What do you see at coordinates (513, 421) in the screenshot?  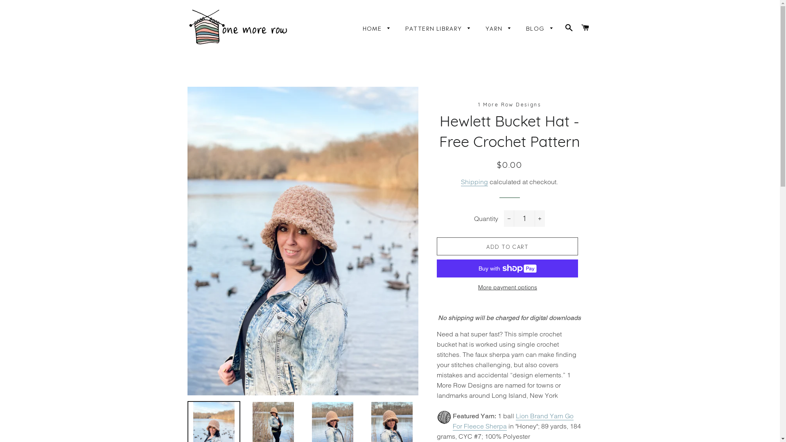 I see `'Lion Brand Yarn Go For Fleece Sherpa'` at bounding box center [513, 421].